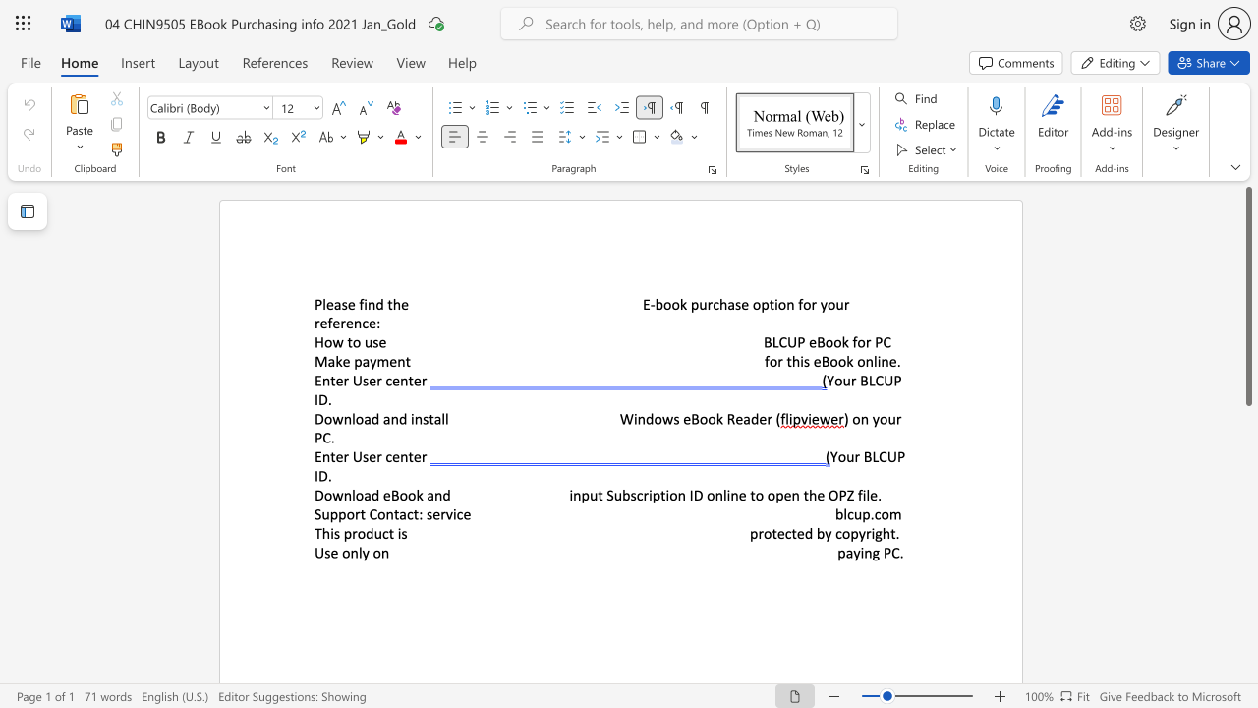  What do you see at coordinates (363, 456) in the screenshot?
I see `the subset text "ser c" within the text "Enter User center"` at bounding box center [363, 456].